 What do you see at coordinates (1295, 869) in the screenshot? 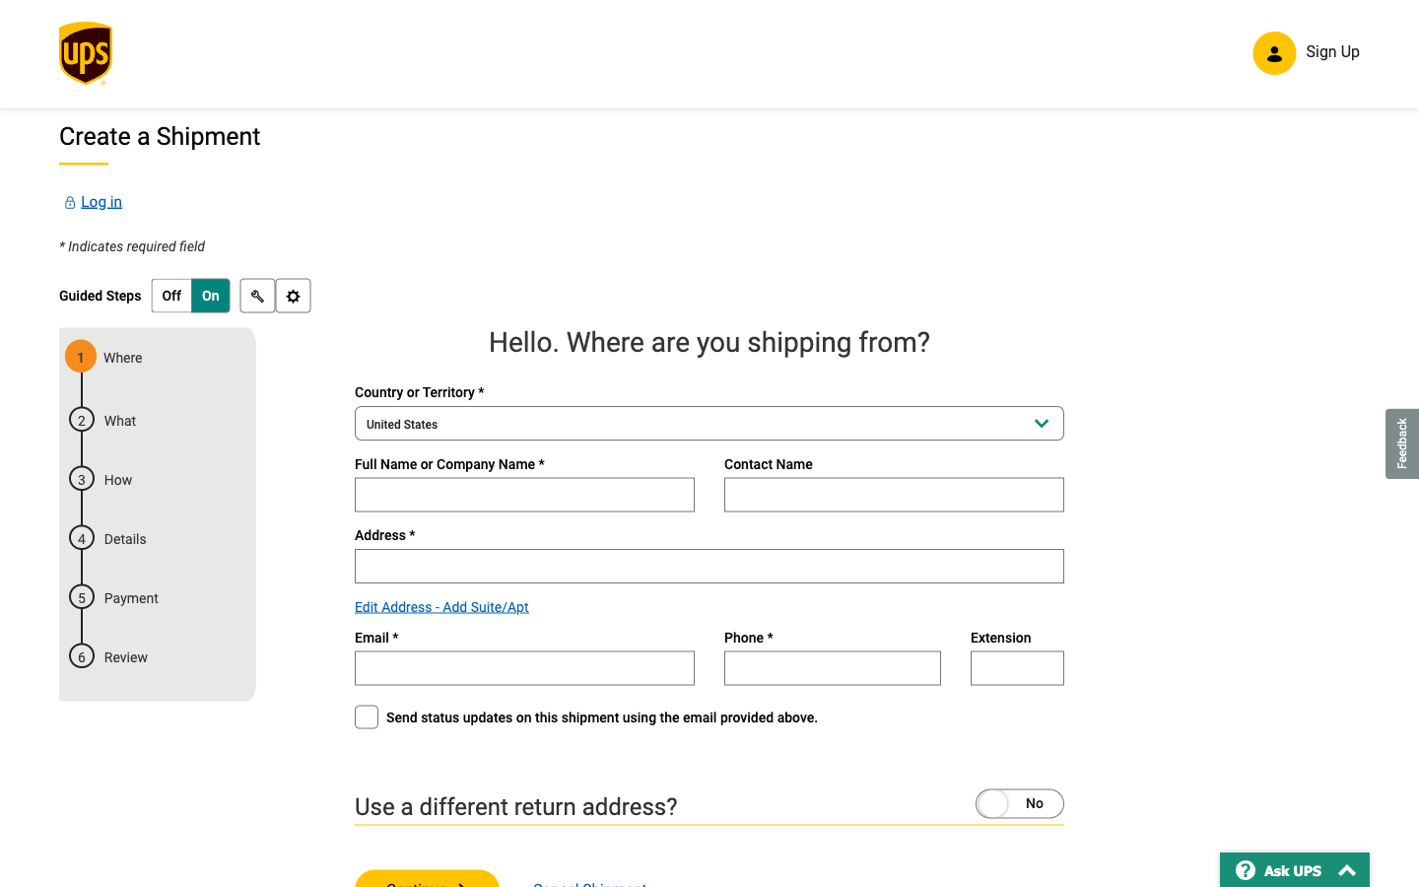
I see `Ask the virtual assistant questions by clicking on "Ask UPS` at bounding box center [1295, 869].